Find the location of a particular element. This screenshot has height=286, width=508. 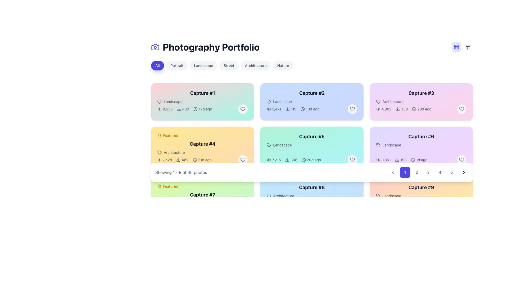

the Text label that specifies the content theme of the related item in the card, located next to the small icon in the 'Capture #8' section of the card is located at coordinates (312, 196).